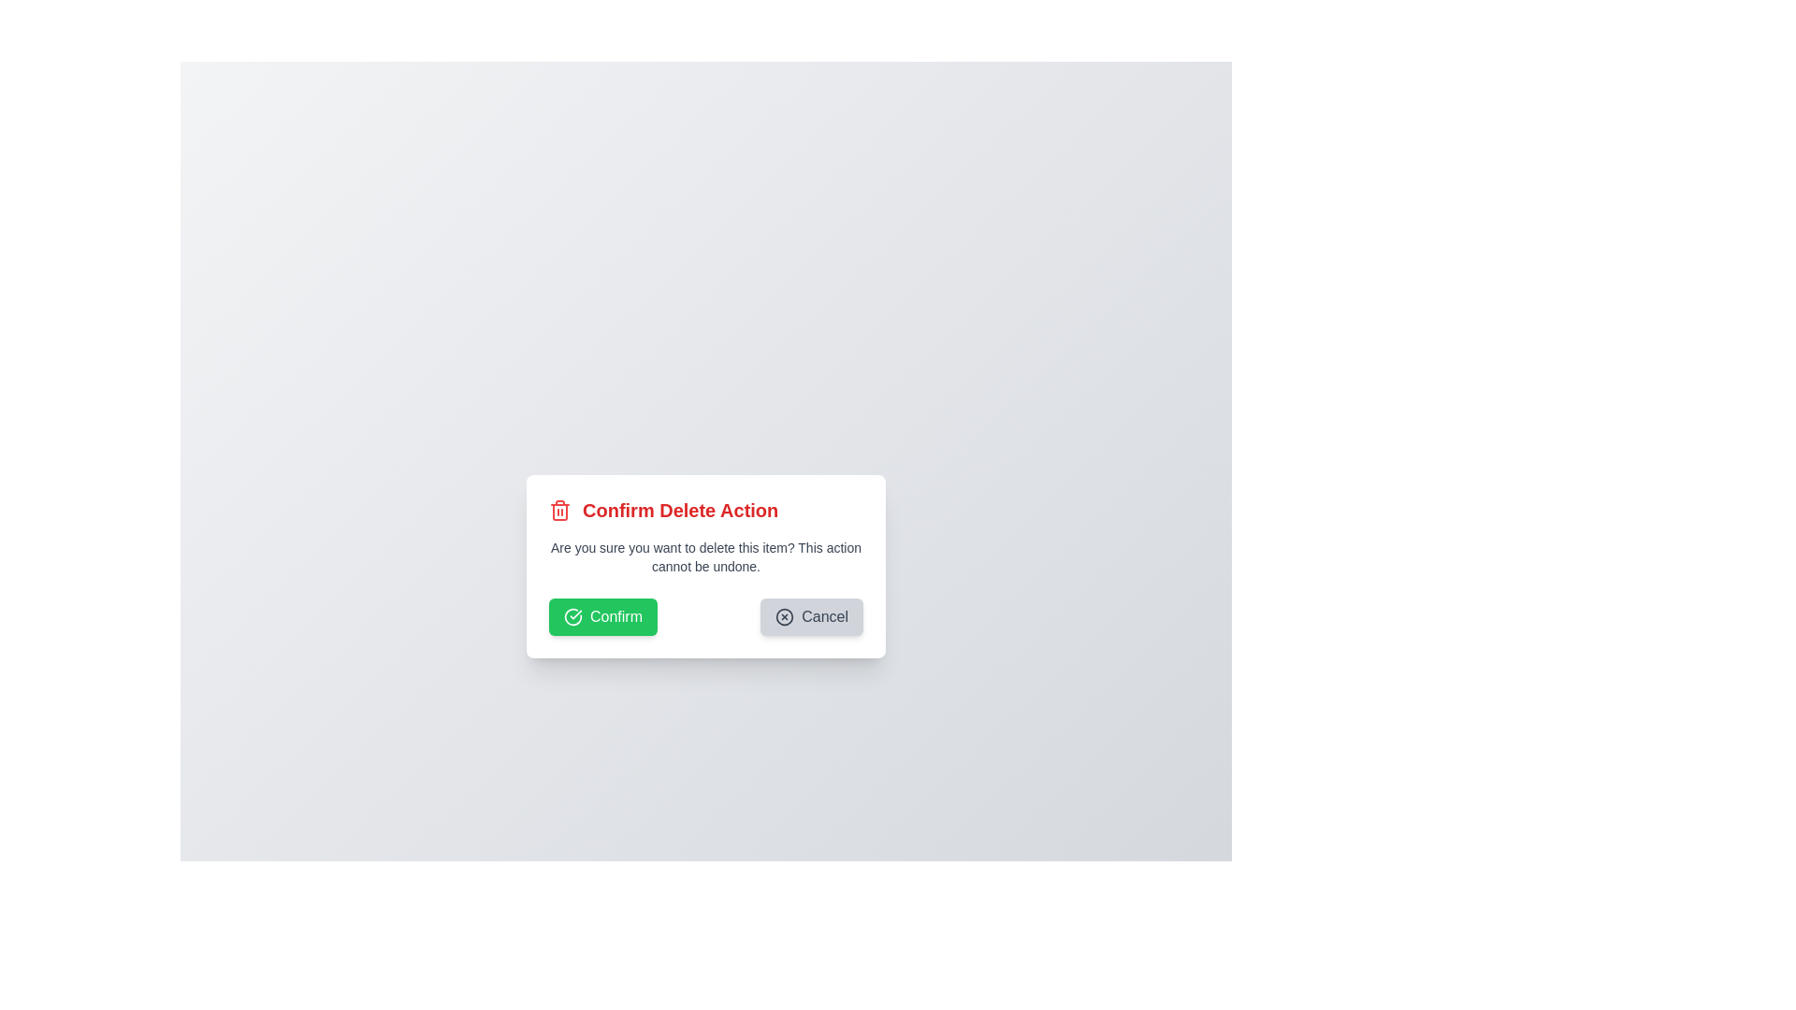 Image resolution: width=1796 pixels, height=1010 pixels. What do you see at coordinates (559, 512) in the screenshot?
I see `the graphical icon component of the trash can, which visually represents the core body of the icon indicating deletion functionality in the delete confirmation dialog` at bounding box center [559, 512].